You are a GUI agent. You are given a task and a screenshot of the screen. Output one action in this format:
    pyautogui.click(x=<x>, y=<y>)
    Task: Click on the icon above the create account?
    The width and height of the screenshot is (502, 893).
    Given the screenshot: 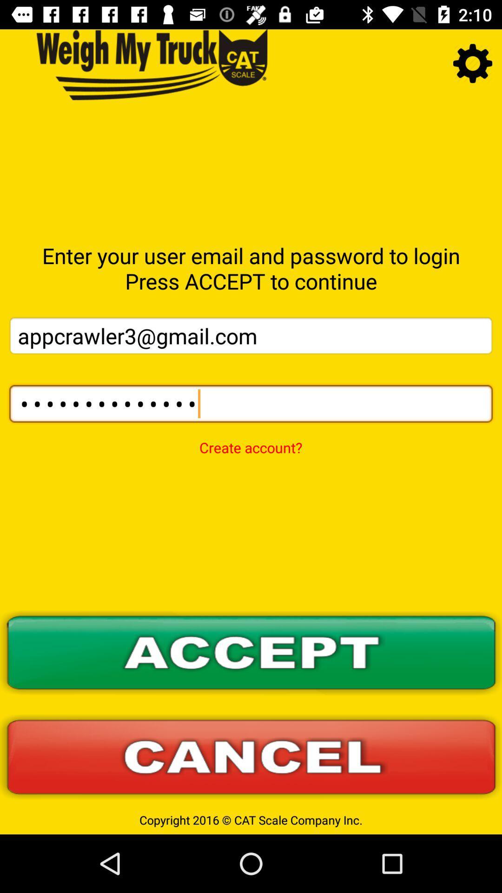 What is the action you would take?
    pyautogui.click(x=251, y=404)
    